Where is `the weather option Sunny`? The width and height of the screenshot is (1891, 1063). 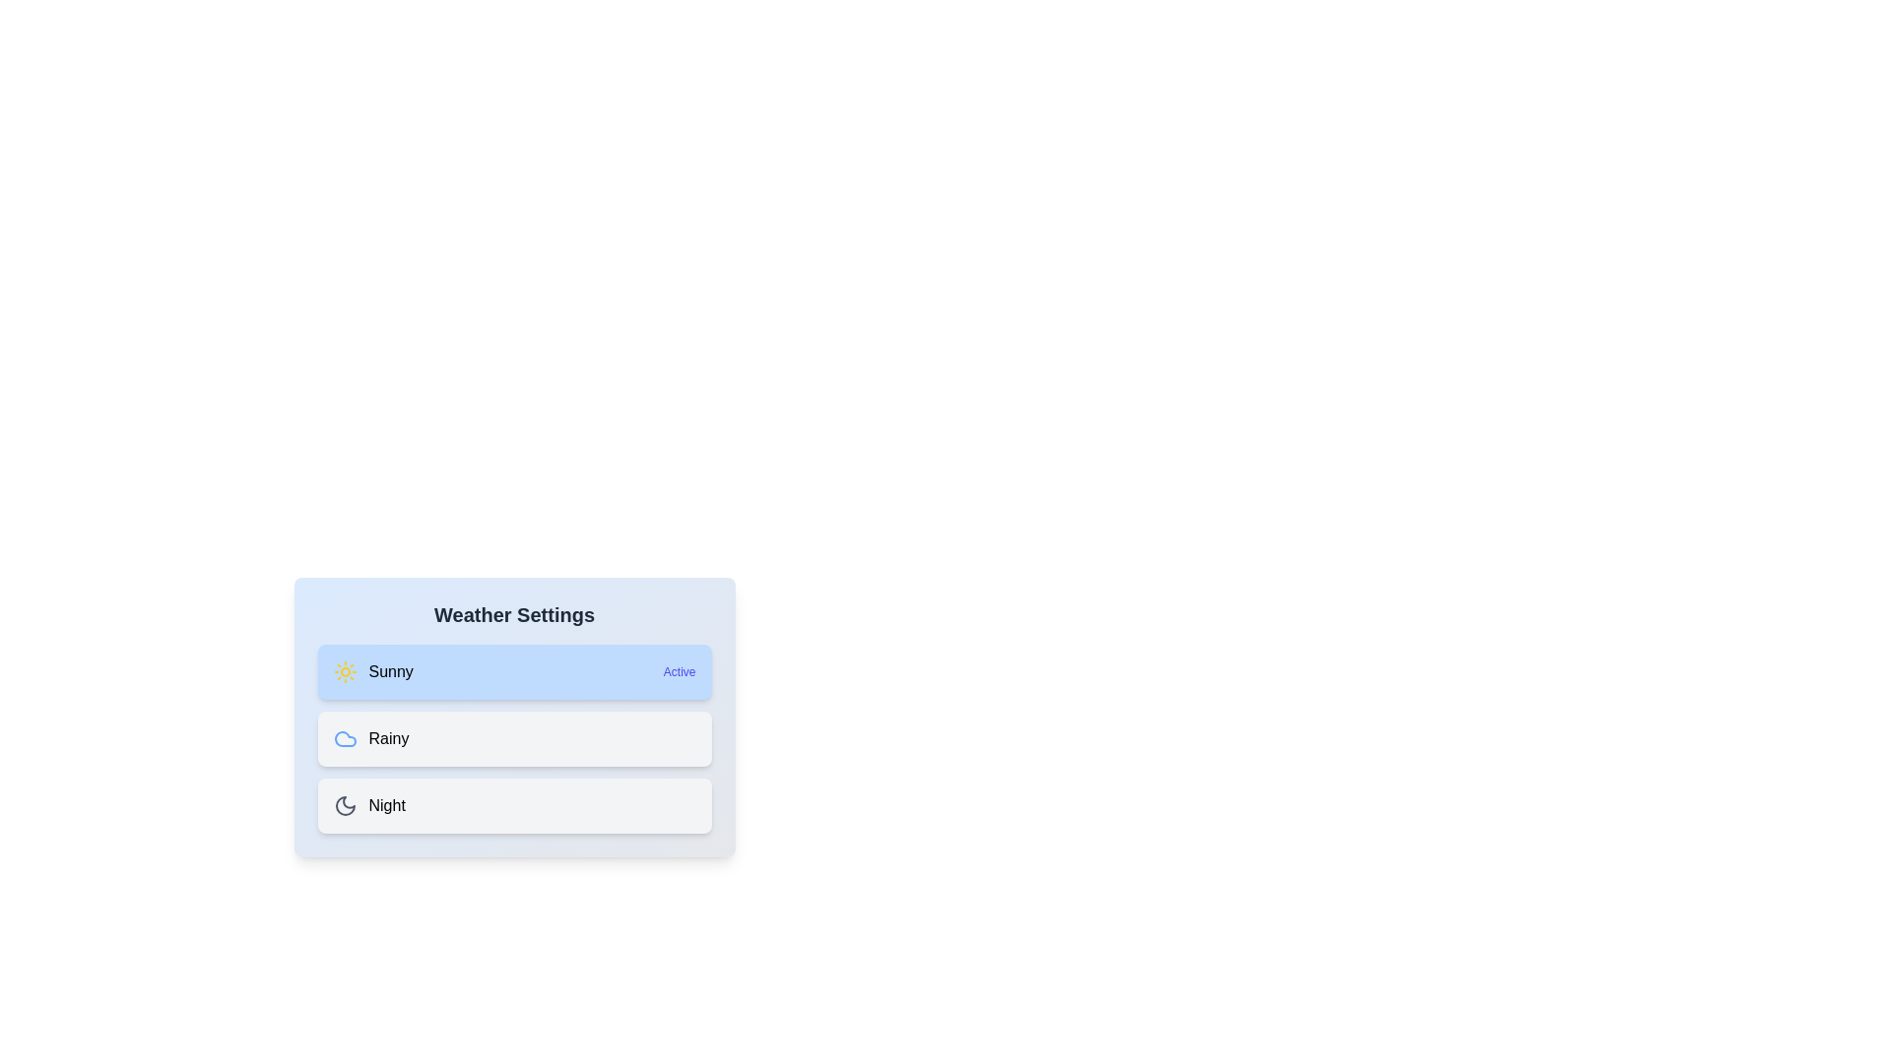
the weather option Sunny is located at coordinates (514, 670).